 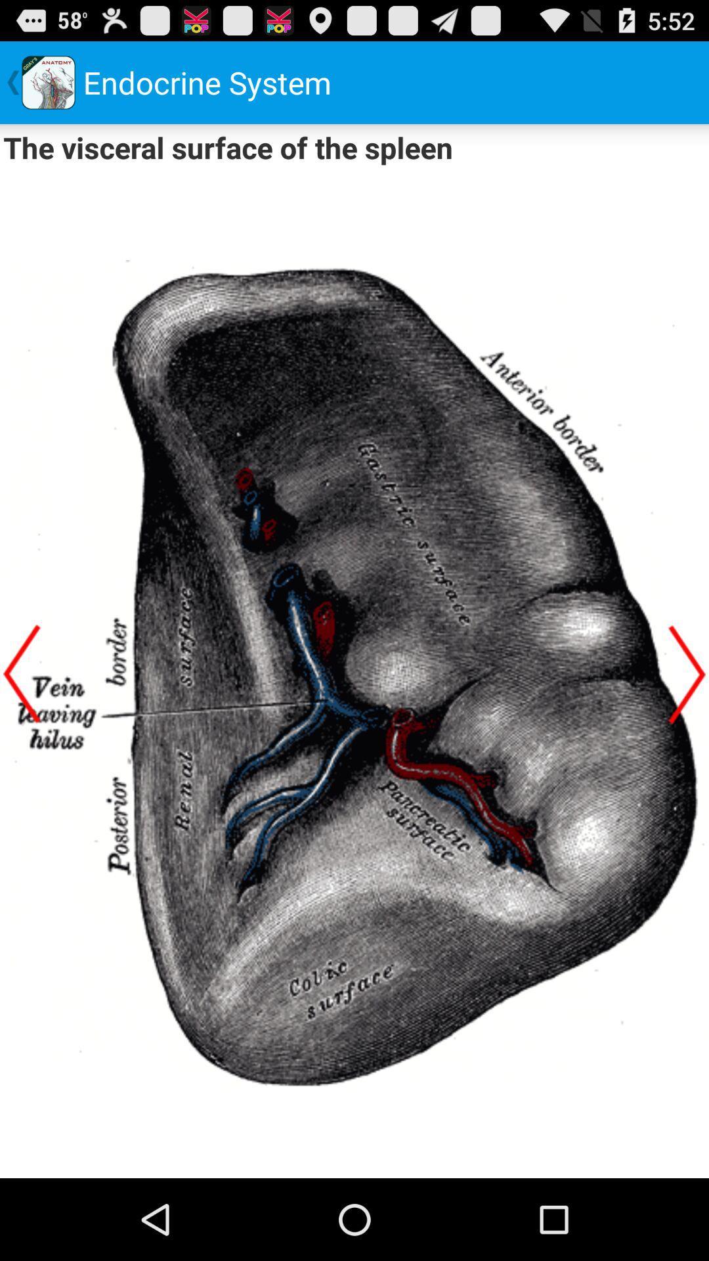 What do you see at coordinates (686, 674) in the screenshot?
I see `back button` at bounding box center [686, 674].